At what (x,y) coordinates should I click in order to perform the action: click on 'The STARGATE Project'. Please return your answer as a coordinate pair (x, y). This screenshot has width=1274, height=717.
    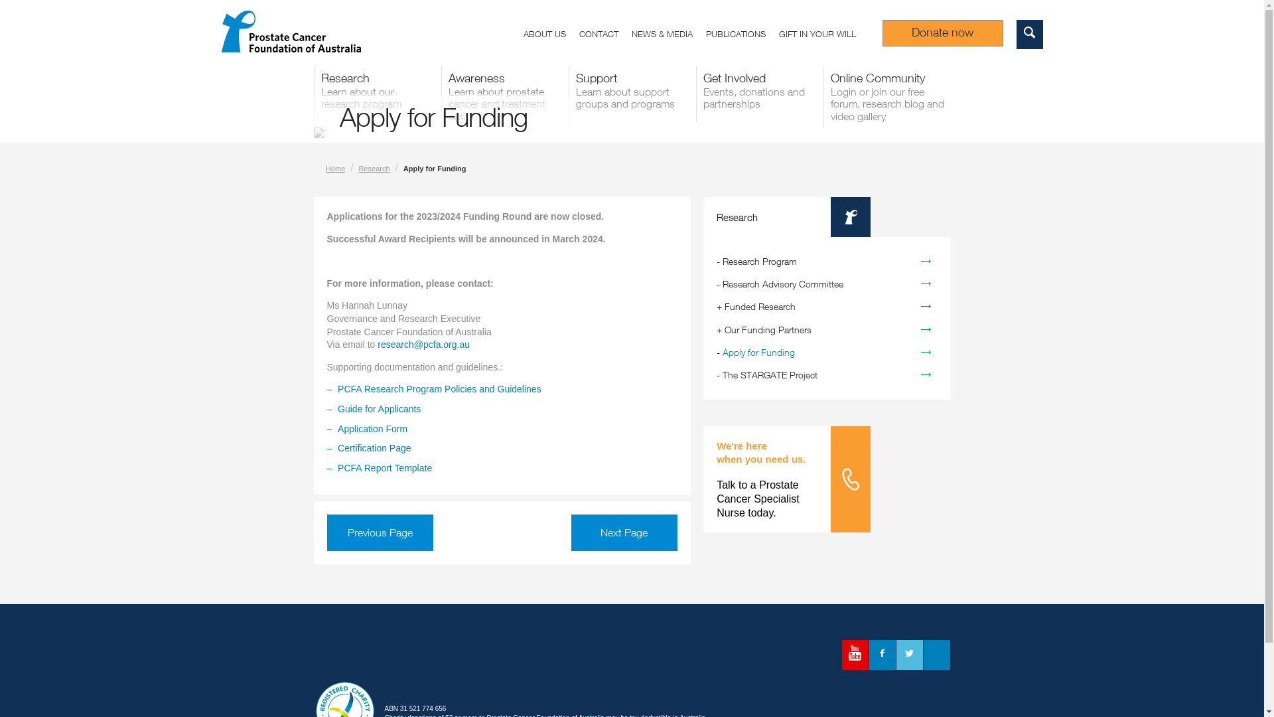
    Looking at the image, I should click on (770, 374).